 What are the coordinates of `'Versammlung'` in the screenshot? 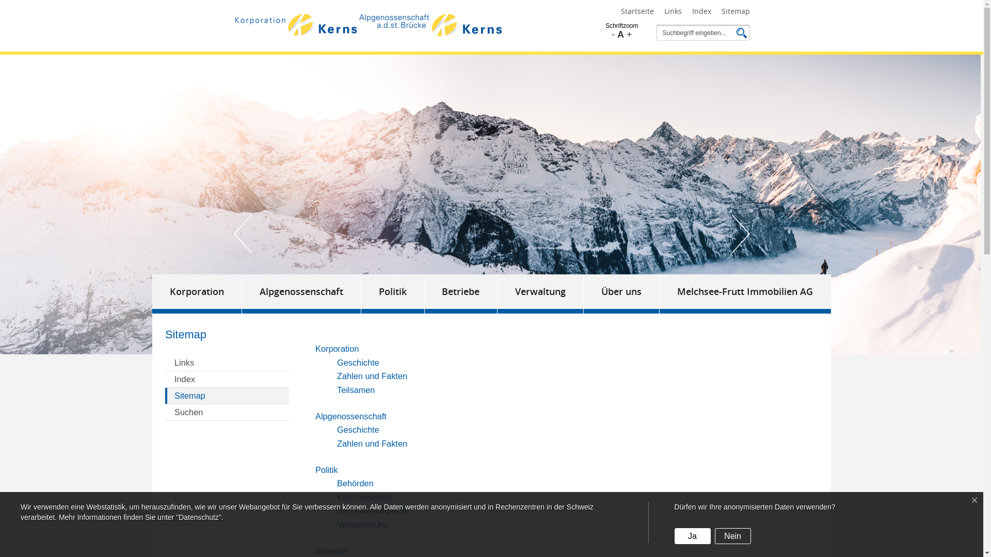 It's located at (337, 525).